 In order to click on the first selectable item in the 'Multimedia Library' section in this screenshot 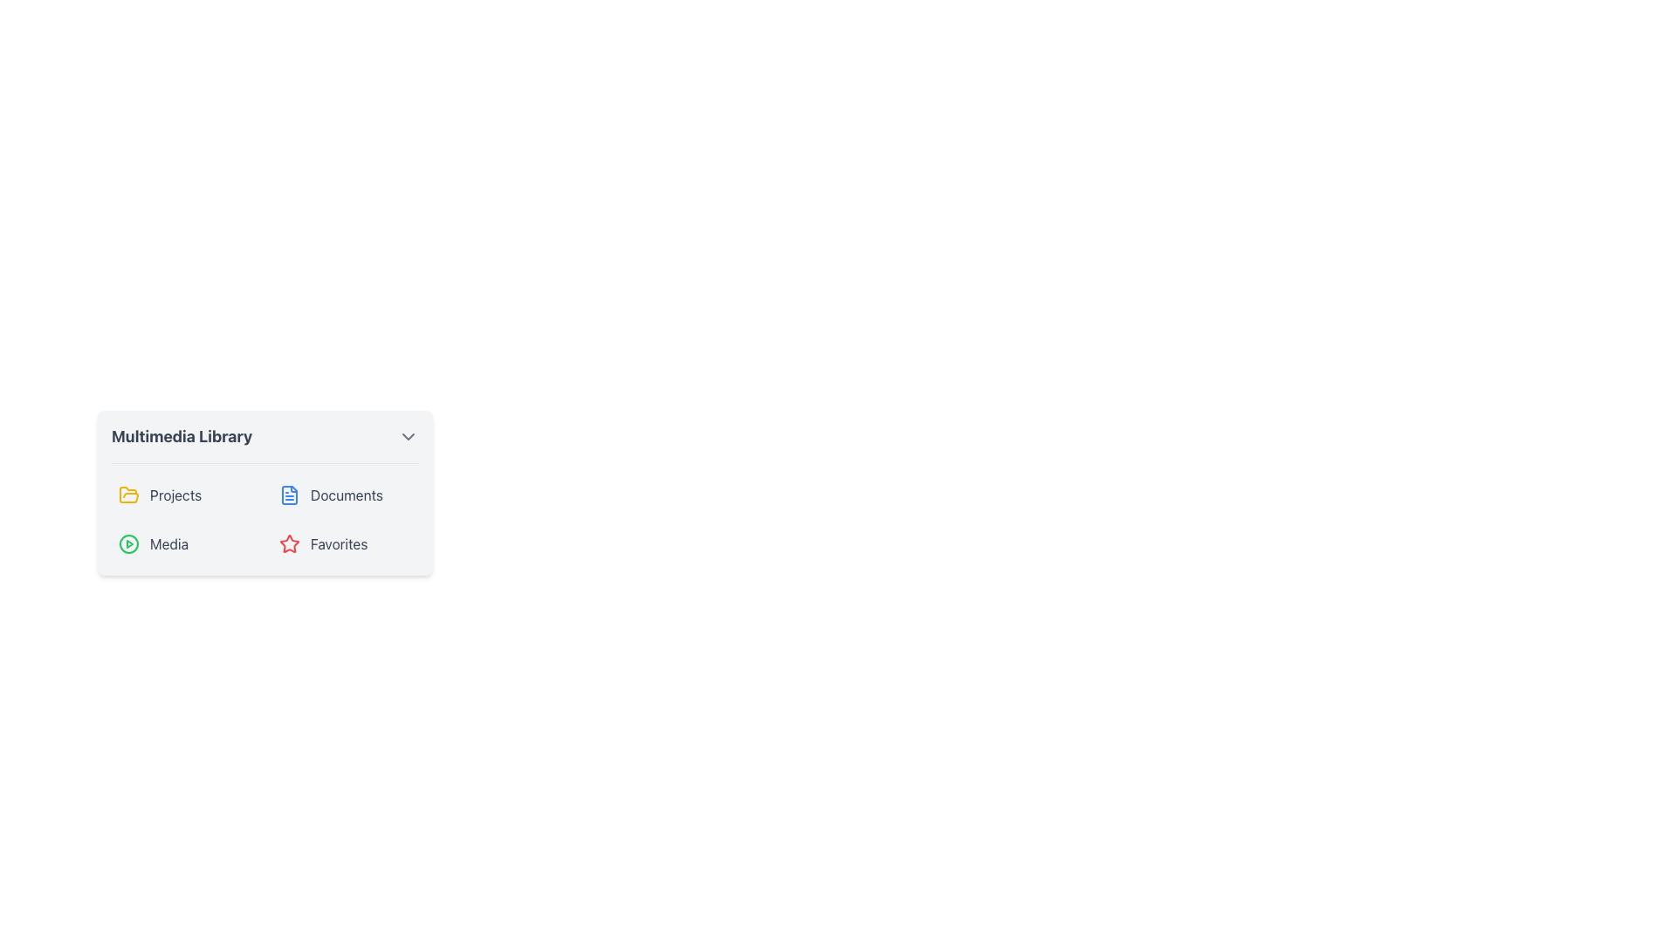, I will do `click(184, 495)`.